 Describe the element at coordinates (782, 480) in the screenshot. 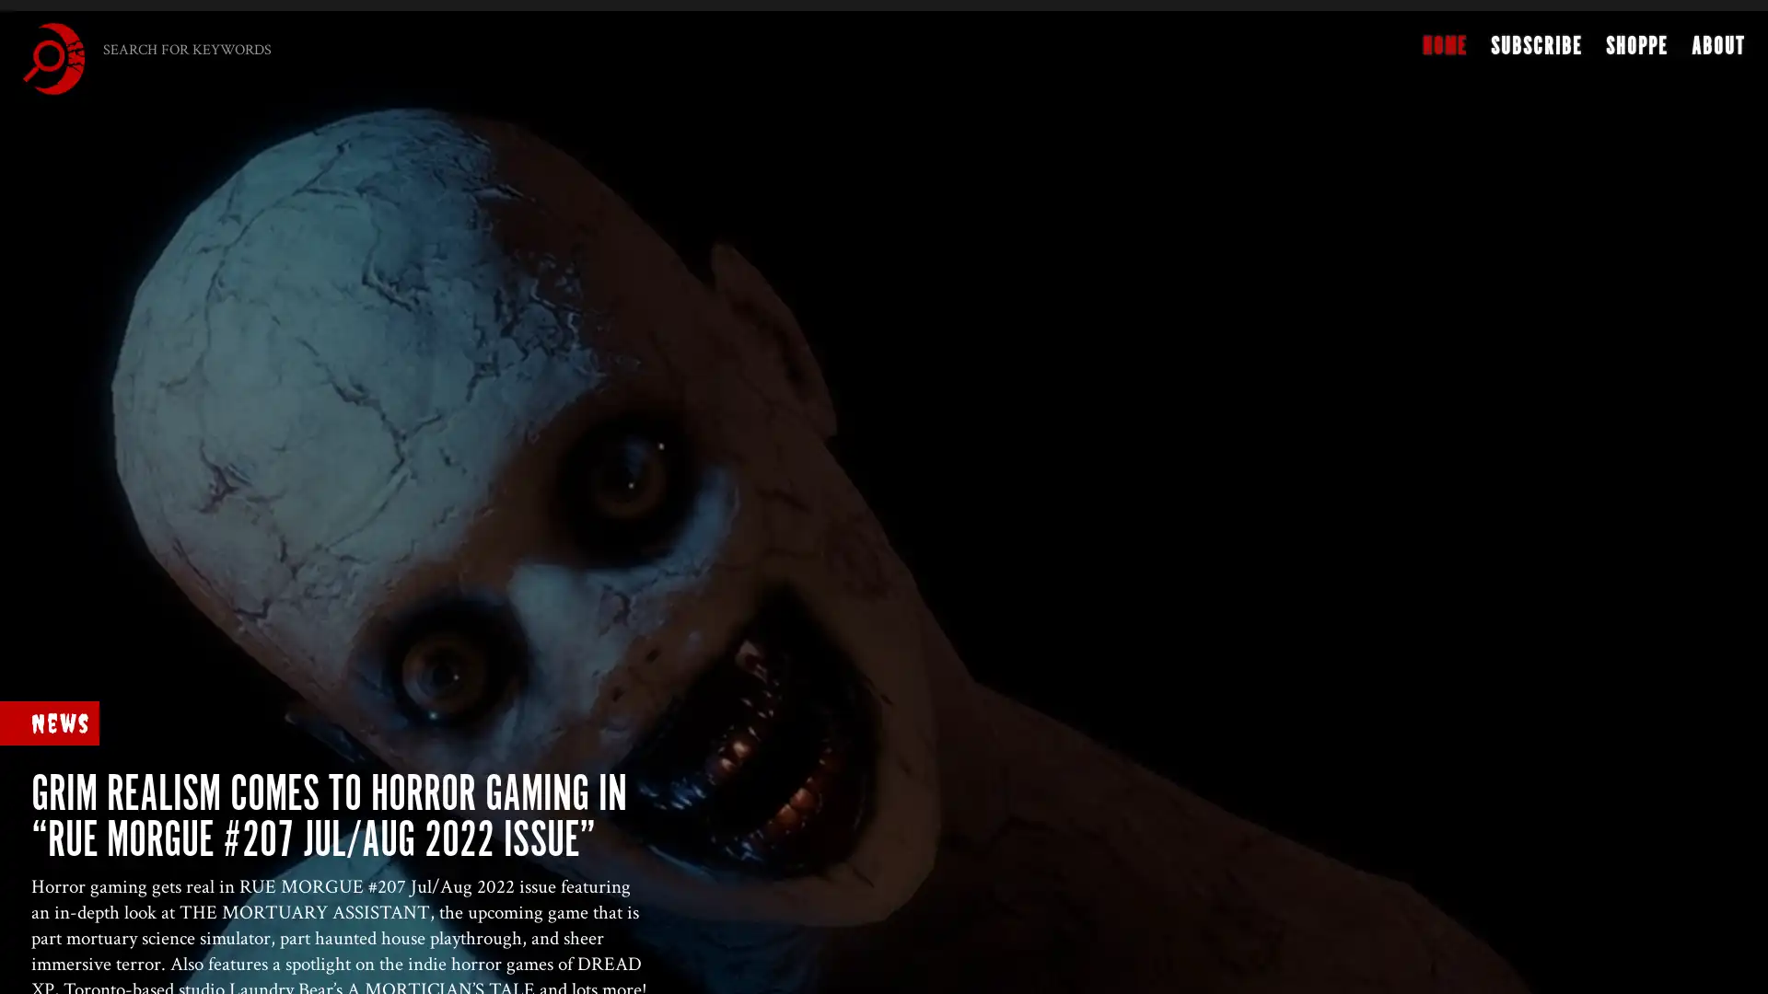

I see `NO THANKS` at that location.